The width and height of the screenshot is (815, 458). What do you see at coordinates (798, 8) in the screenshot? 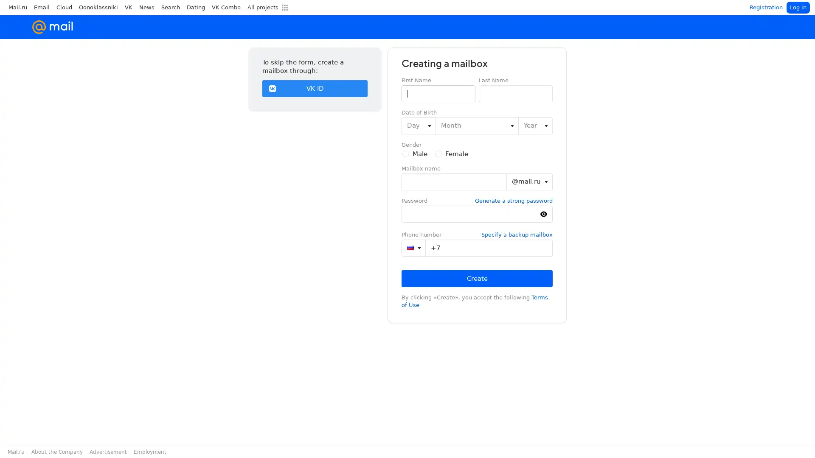
I see `Log in` at bounding box center [798, 8].